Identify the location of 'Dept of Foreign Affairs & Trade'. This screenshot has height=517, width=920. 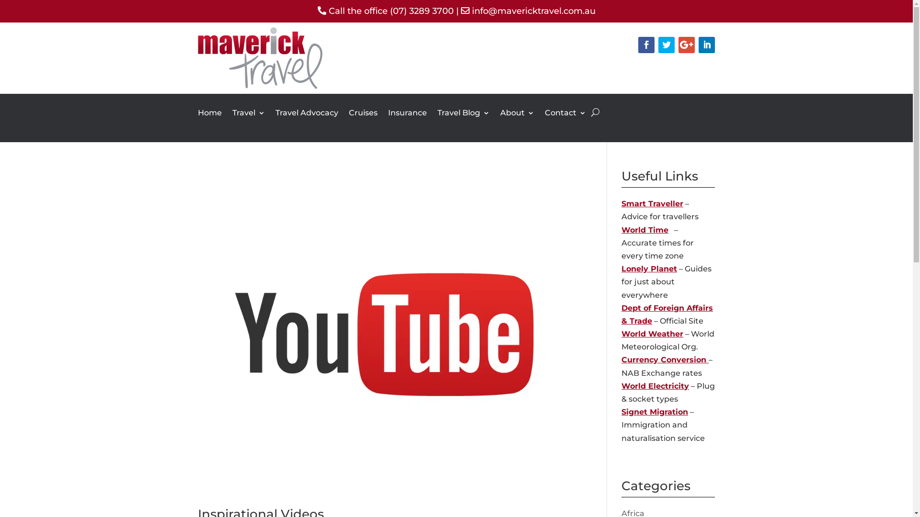
(667, 314).